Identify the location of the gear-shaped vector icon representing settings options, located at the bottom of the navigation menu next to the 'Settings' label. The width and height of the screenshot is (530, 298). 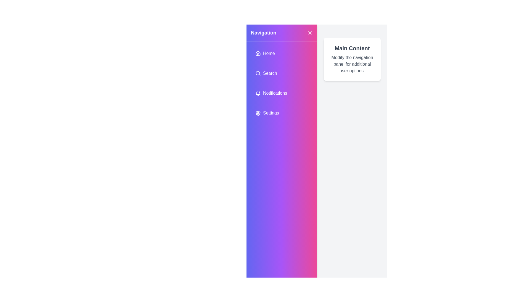
(258, 113).